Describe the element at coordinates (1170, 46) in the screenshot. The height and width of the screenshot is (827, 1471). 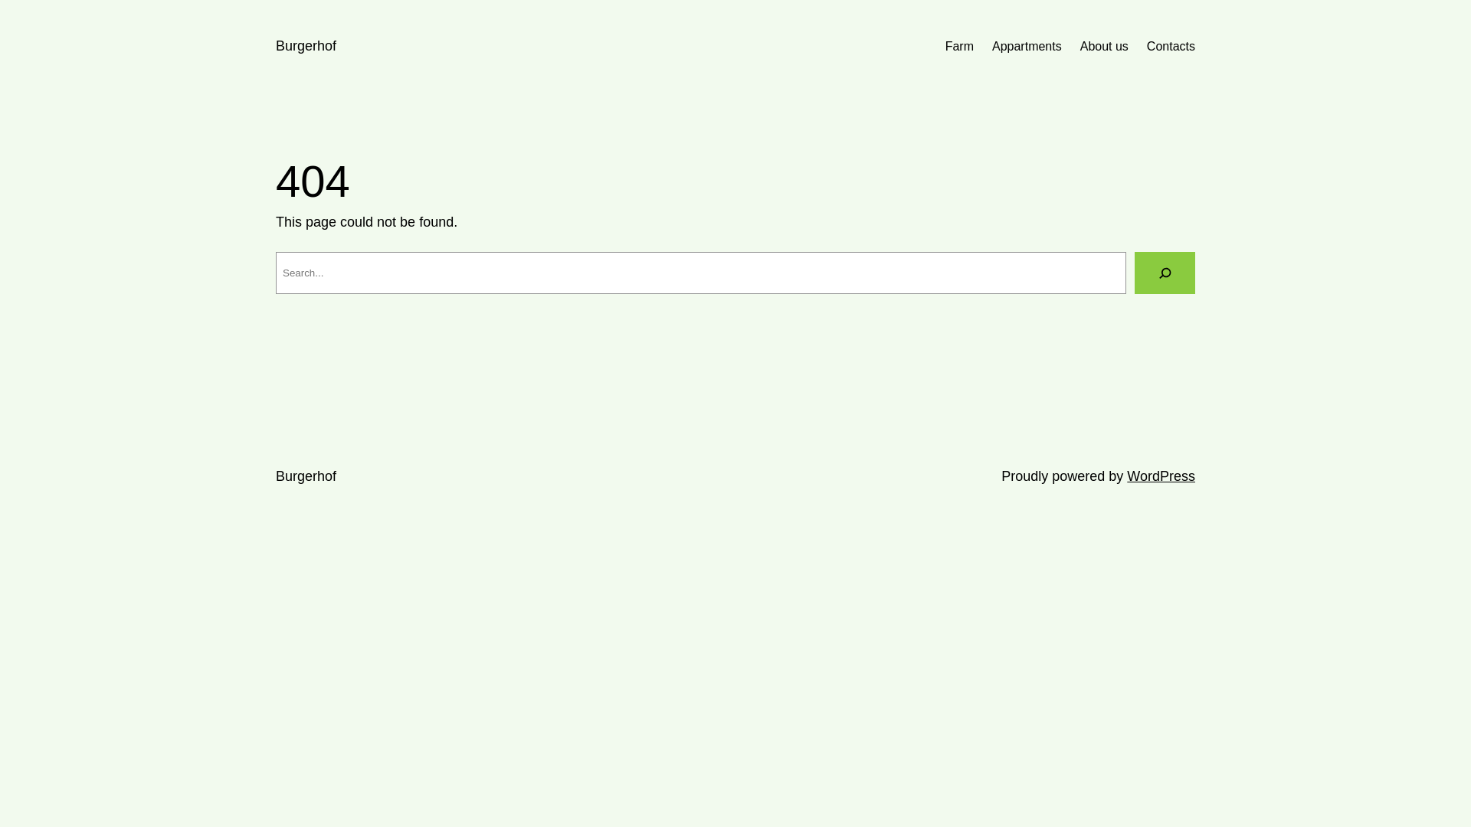
I see `'Contacts'` at that location.